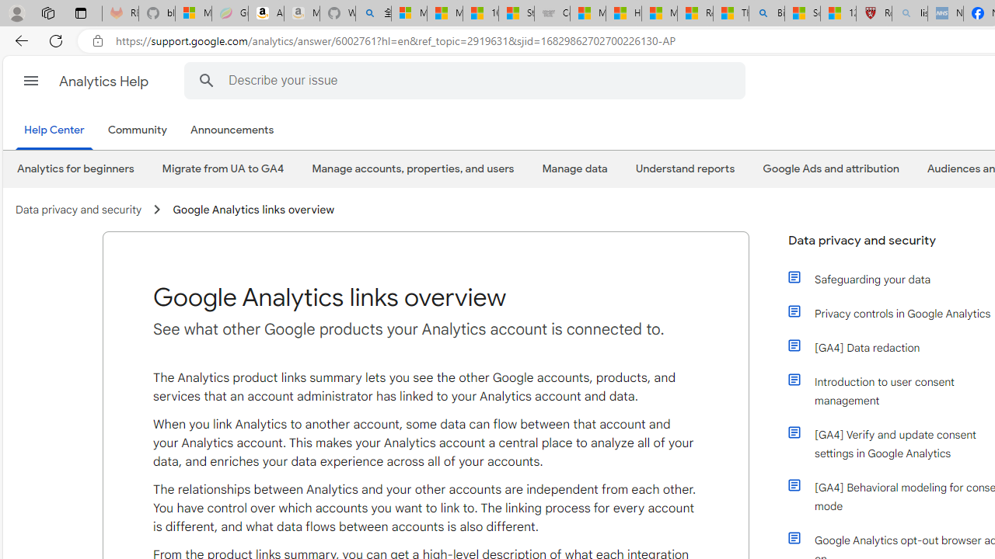 Image resolution: width=995 pixels, height=559 pixels. I want to click on 'Science - MSN', so click(802, 13).